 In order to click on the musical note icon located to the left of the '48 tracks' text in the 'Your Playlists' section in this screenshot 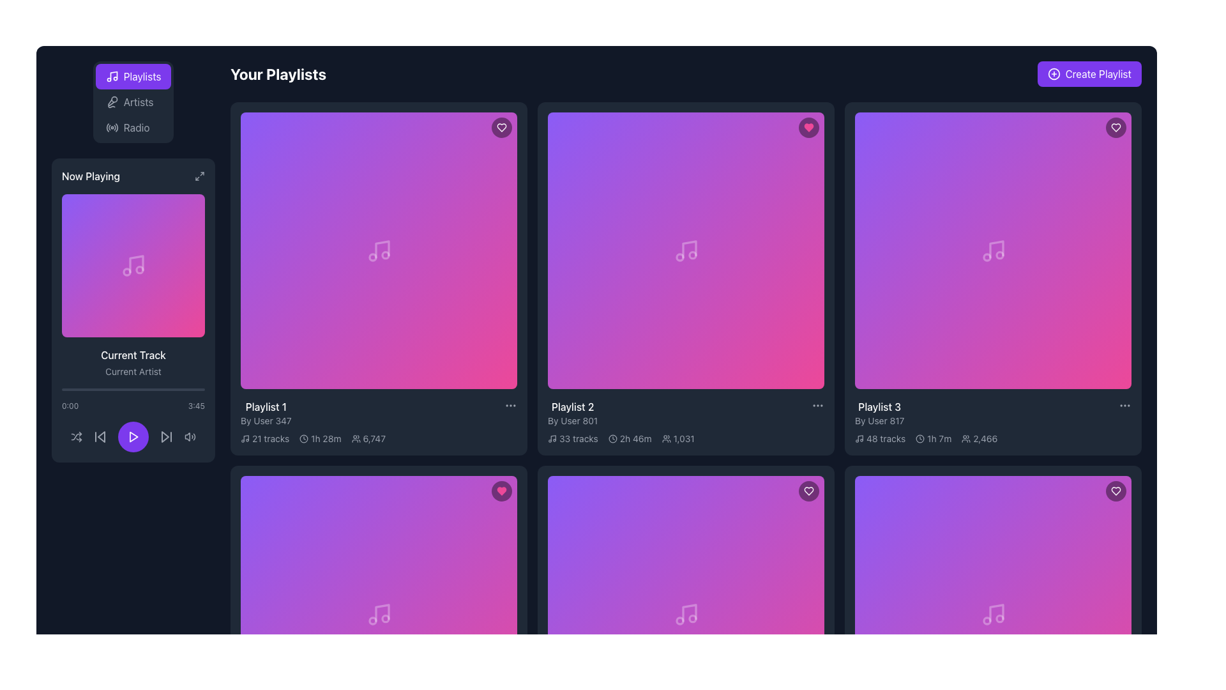, I will do `click(859, 438)`.